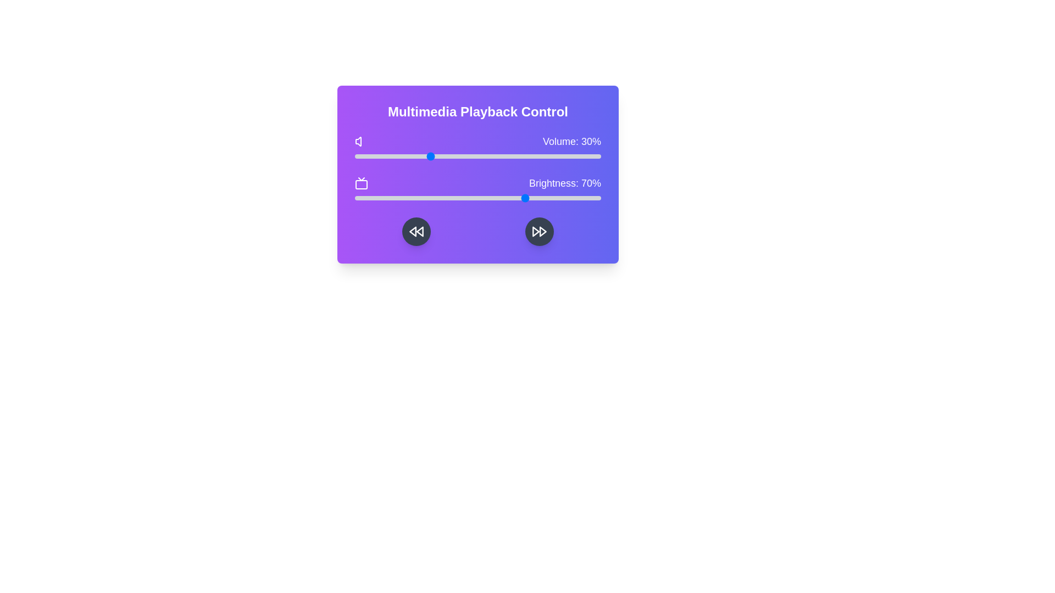 The width and height of the screenshot is (1055, 593). I want to click on the volume slider to 21%, so click(406, 156).